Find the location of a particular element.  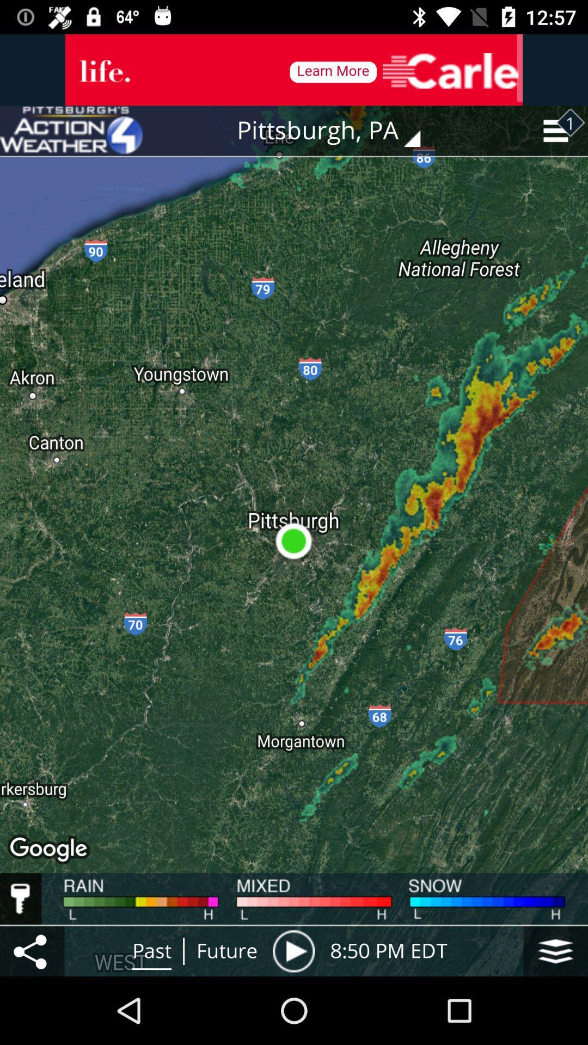

the item to the right of 8 50 pm is located at coordinates (555, 950).